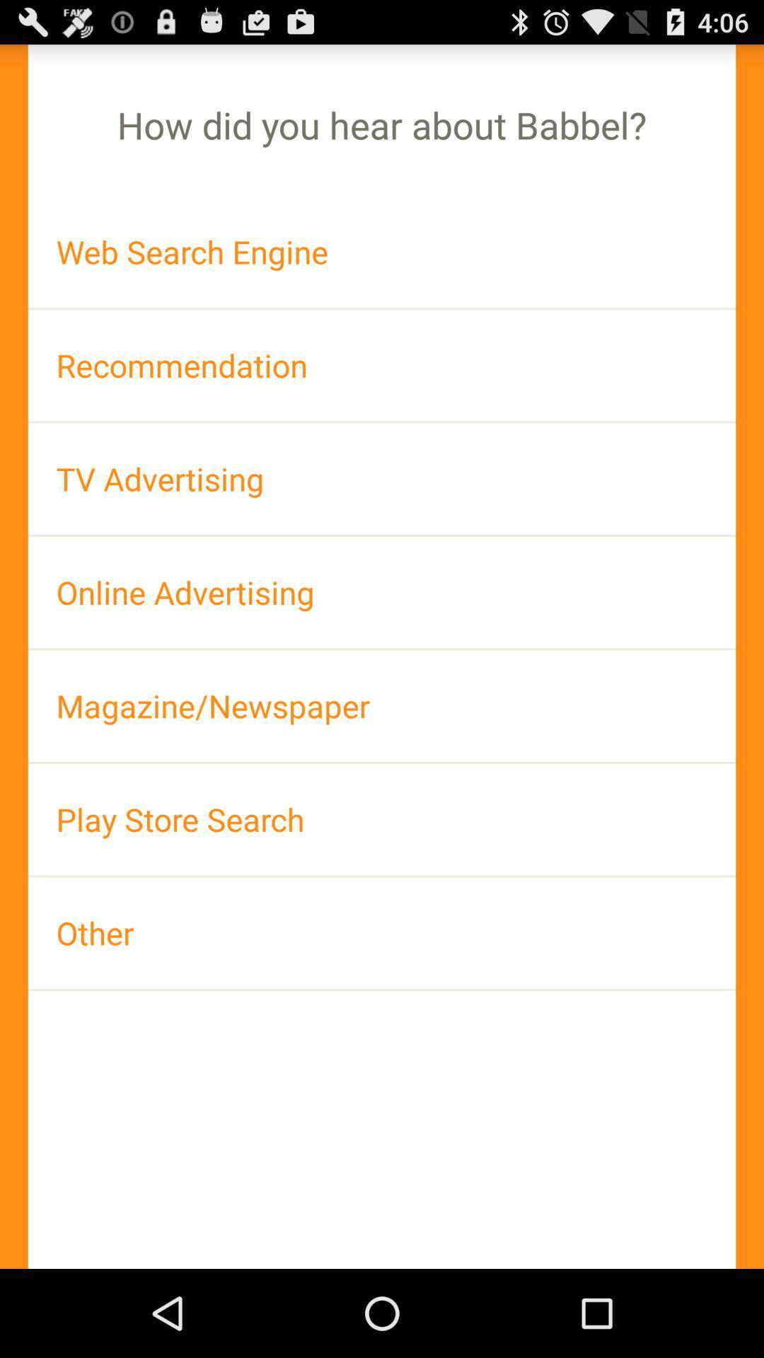 Image resolution: width=764 pixels, height=1358 pixels. Describe the element at coordinates (382, 933) in the screenshot. I see `item below the play store search app` at that location.